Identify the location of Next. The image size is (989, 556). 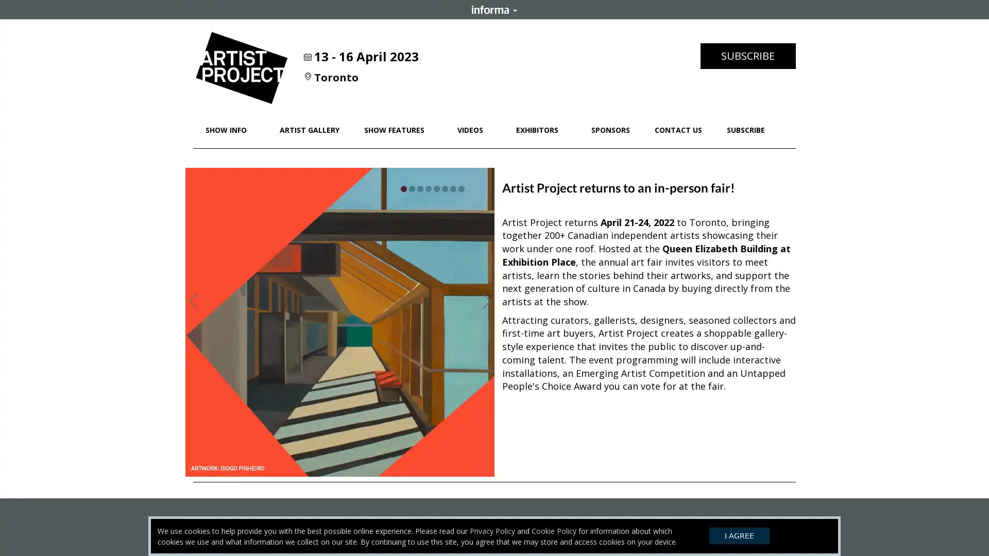
(486, 299).